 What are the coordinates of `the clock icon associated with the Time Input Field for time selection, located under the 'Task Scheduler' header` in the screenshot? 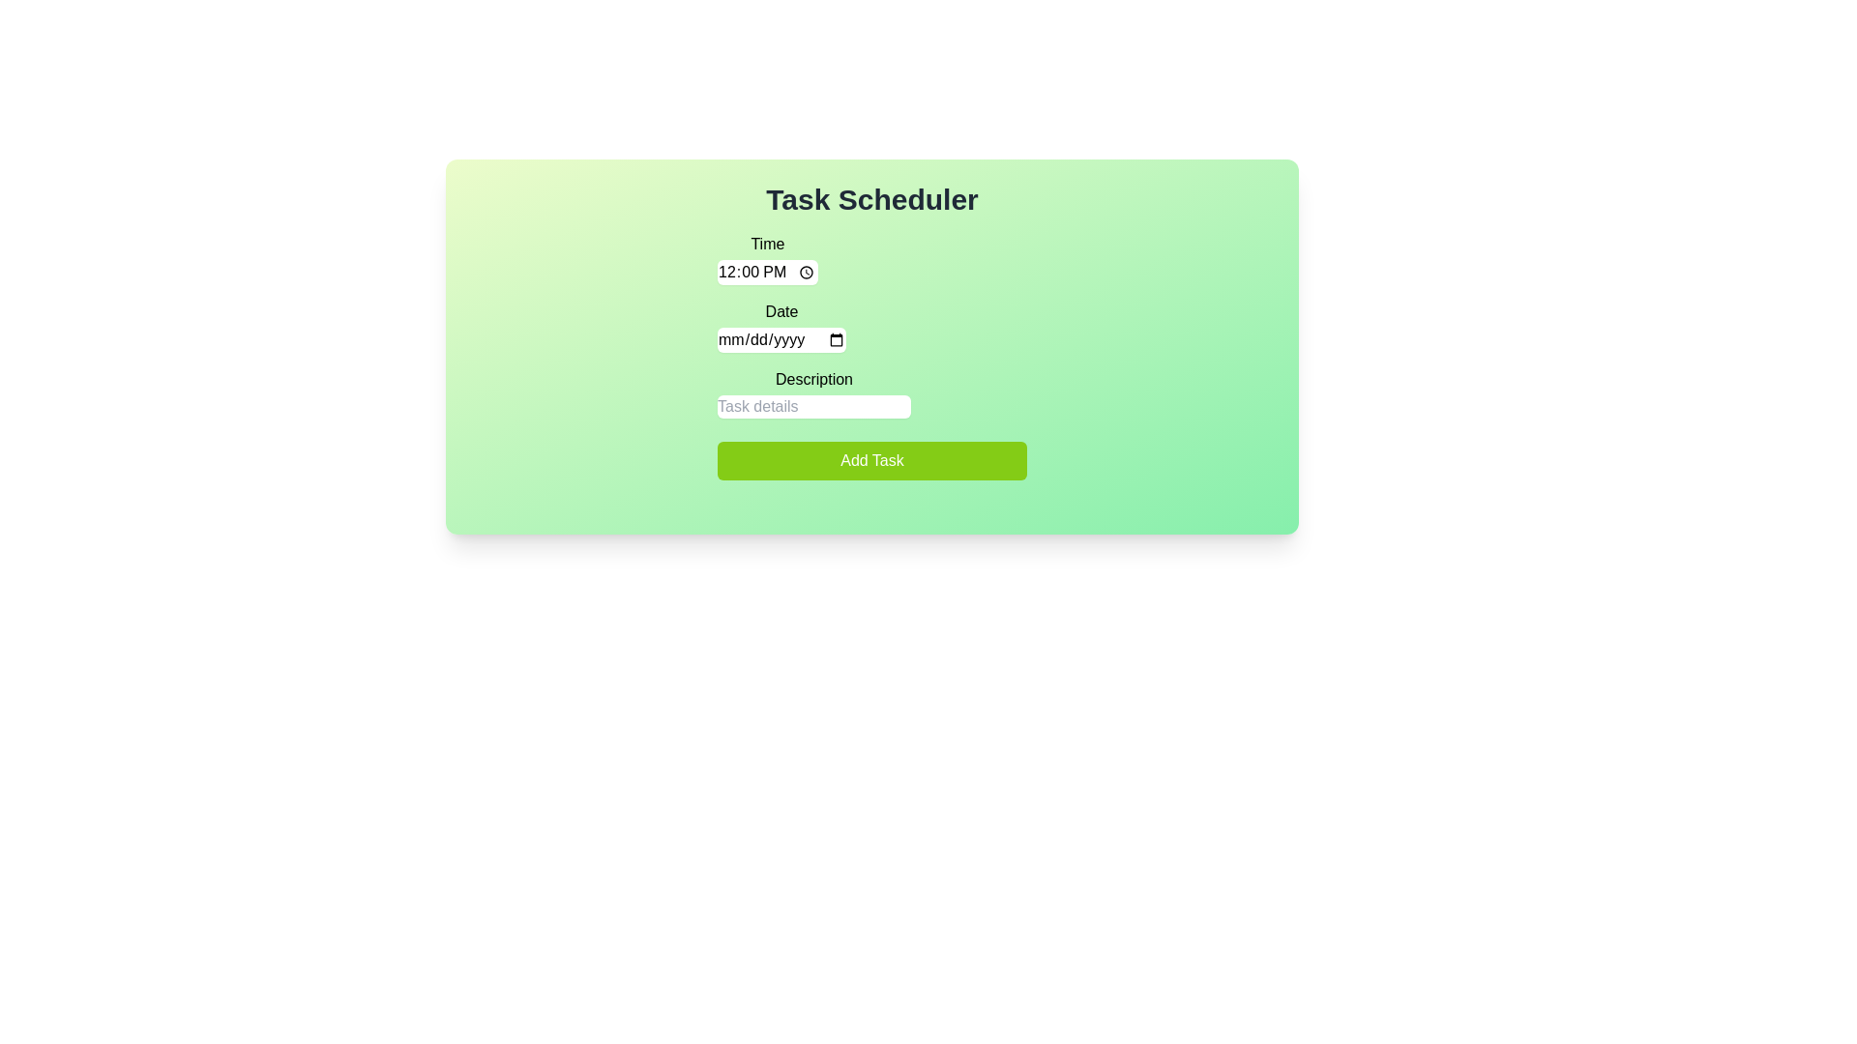 It's located at (766, 257).